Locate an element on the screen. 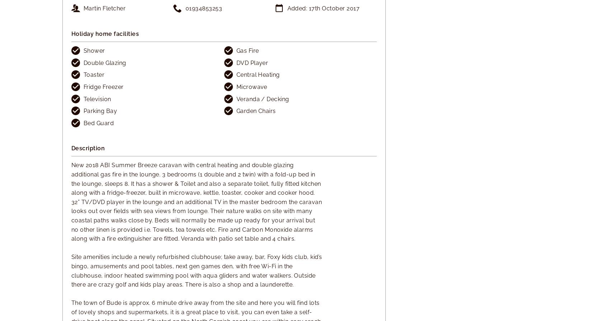  'Fridge Freezer' is located at coordinates (103, 86).